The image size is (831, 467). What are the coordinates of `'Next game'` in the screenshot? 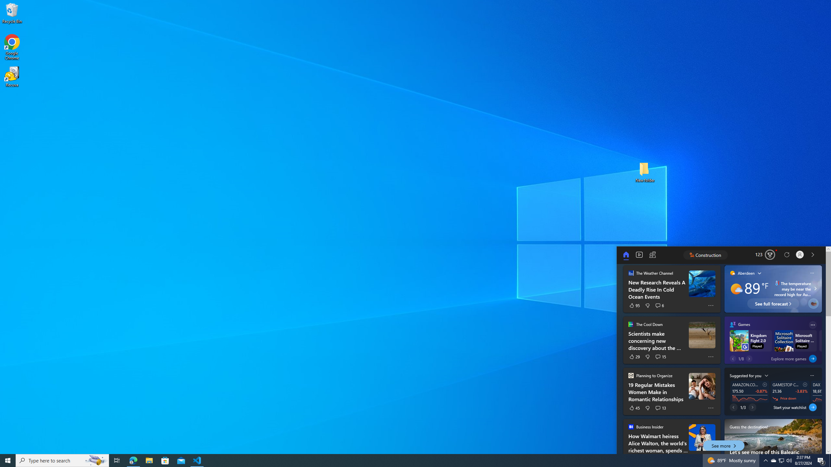 It's located at (749, 358).